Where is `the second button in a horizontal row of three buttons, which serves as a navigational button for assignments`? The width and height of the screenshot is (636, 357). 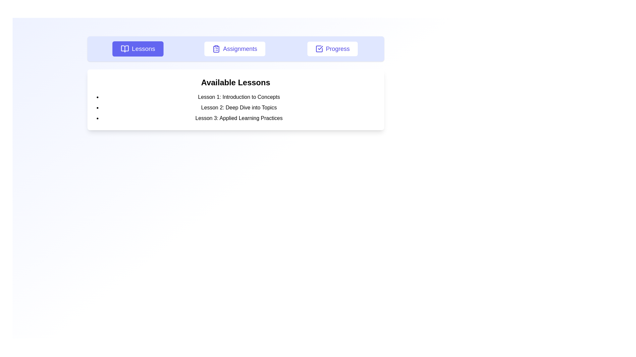
the second button in a horizontal row of three buttons, which serves as a navigational button for assignments is located at coordinates (235, 48).